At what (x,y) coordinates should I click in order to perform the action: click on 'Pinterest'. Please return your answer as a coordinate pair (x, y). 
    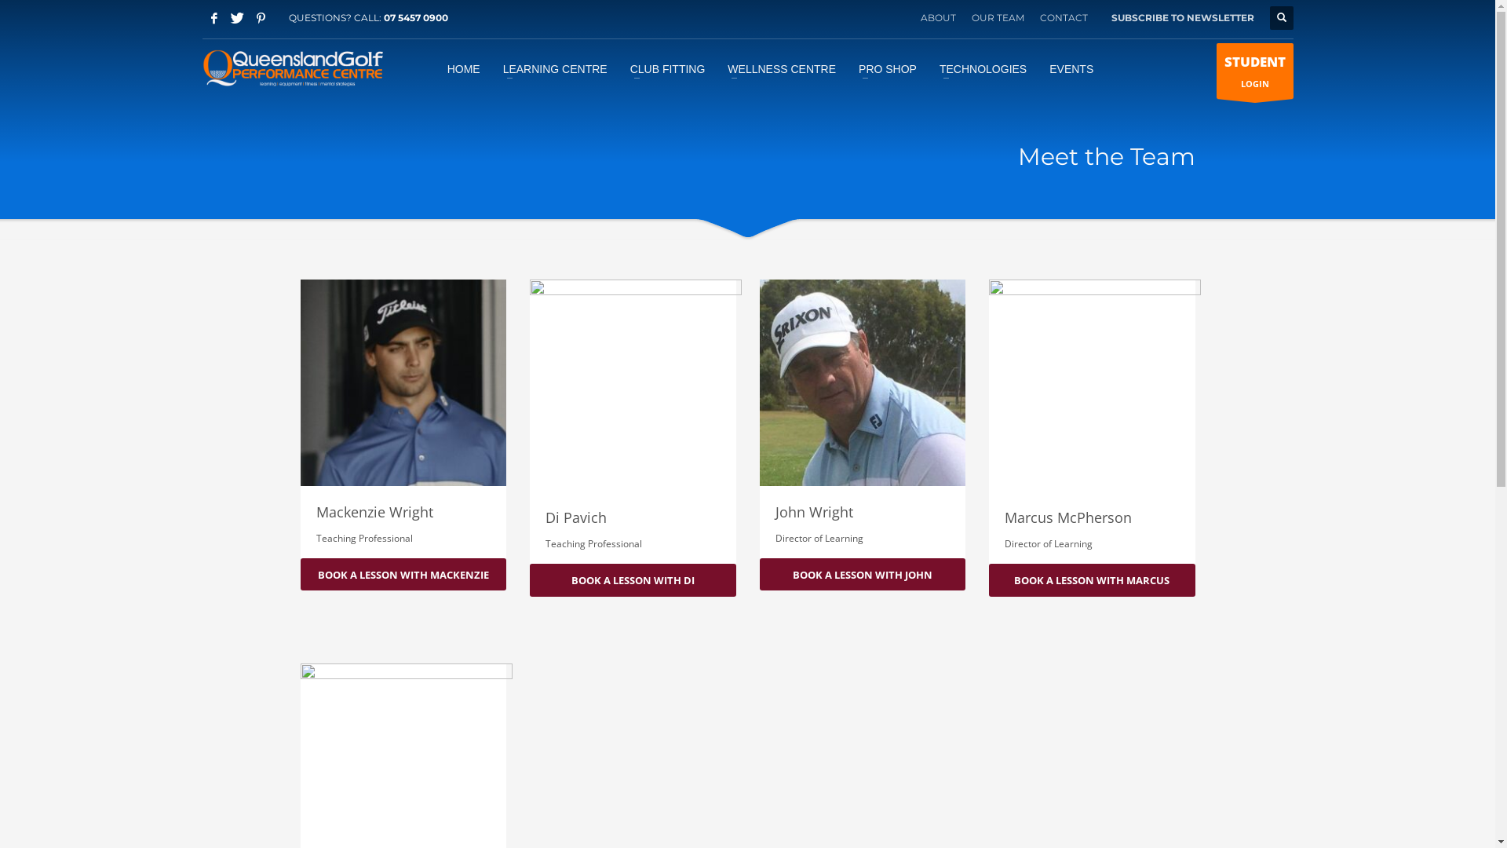
    Looking at the image, I should click on (261, 18).